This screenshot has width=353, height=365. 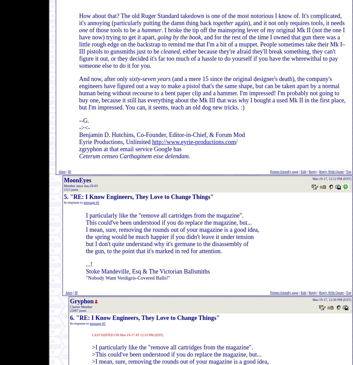 What do you see at coordinates (176, 354) in the screenshot?
I see `'>This could've been understood if you do replace the magazine, but...'` at bounding box center [176, 354].